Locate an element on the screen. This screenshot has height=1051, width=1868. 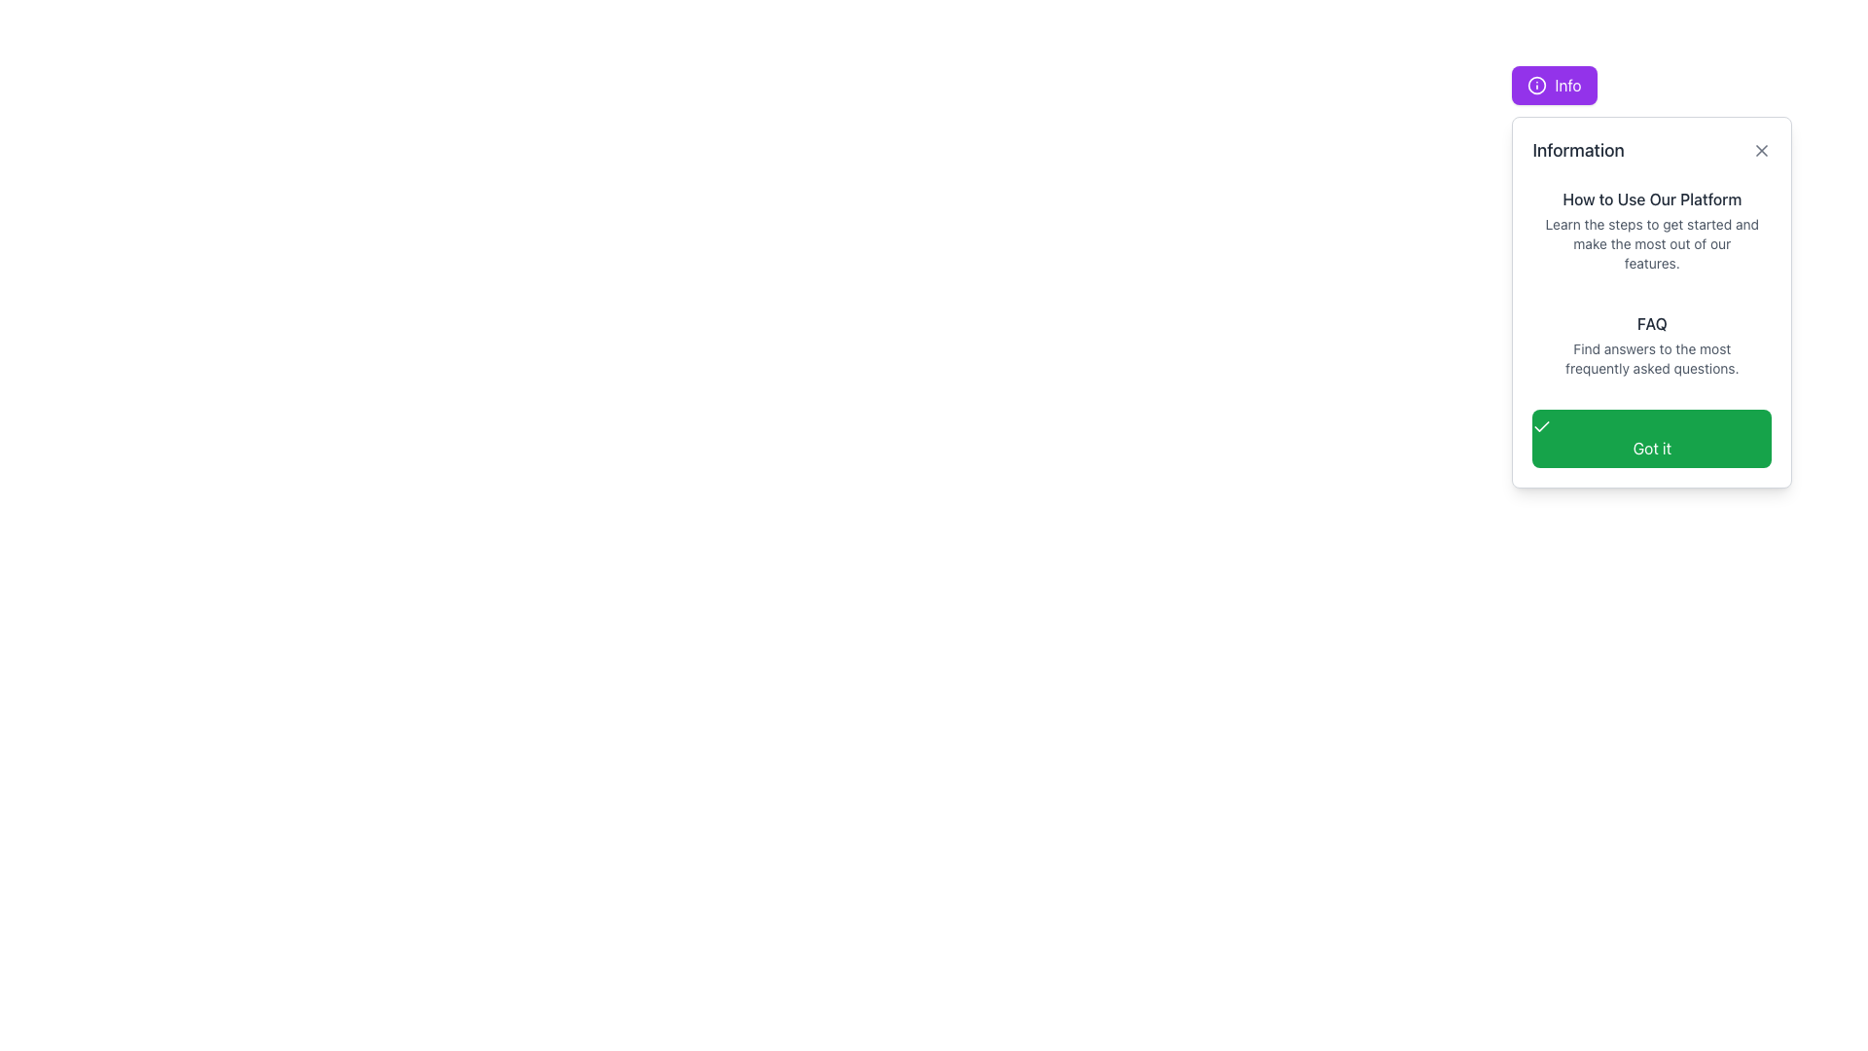
the Text Section that introduces and provides a brief overview of a guide or instructional content about using the platform, located in the 'Information' card above the 'FAQ' section is located at coordinates (1651, 229).